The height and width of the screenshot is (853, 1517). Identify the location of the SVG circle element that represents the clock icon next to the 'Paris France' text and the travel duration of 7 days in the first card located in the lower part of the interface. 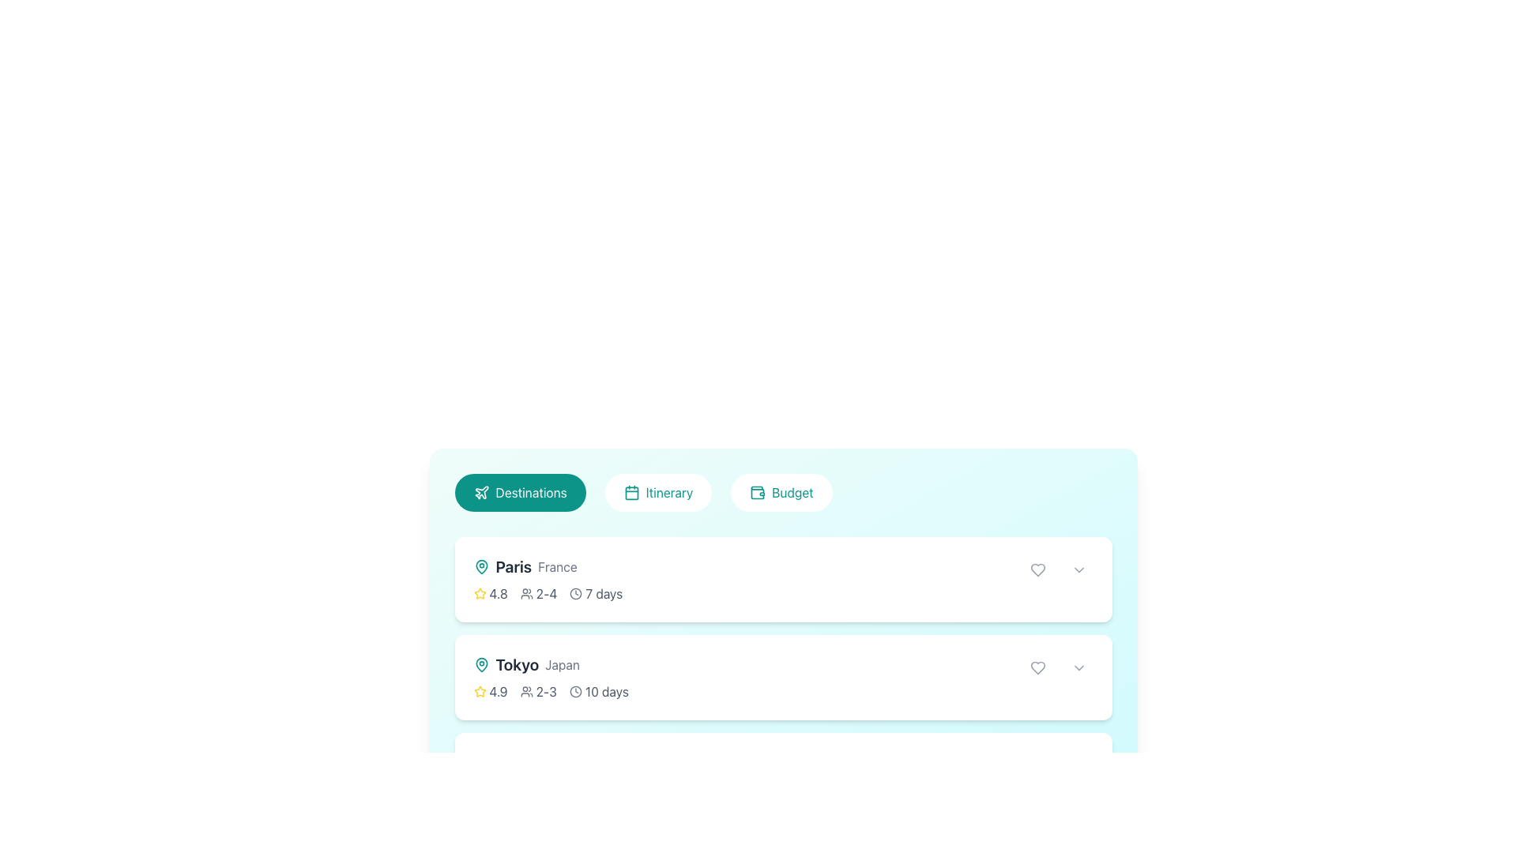
(575, 594).